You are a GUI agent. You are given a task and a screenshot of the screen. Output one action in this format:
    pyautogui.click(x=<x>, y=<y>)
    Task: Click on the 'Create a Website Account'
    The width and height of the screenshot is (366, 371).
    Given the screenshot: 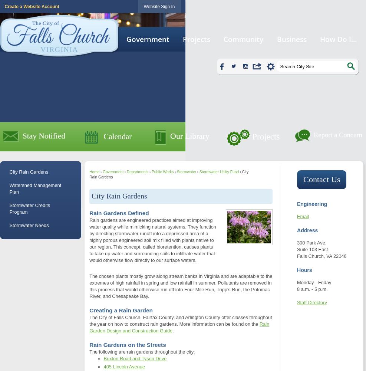 What is the action you would take?
    pyautogui.click(x=32, y=7)
    